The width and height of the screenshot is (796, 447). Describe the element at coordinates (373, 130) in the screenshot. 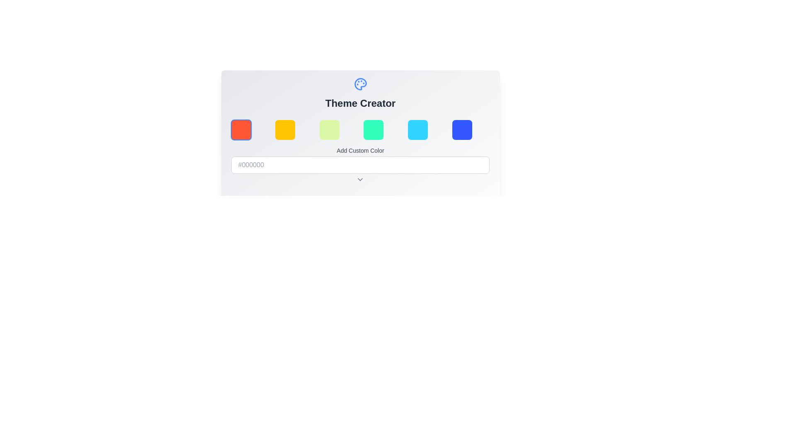

I see `the Color selection button, which is the fourth item in the grid of color buttons for selecting a specific shade of green in the 'Add Custom Color' section` at that location.